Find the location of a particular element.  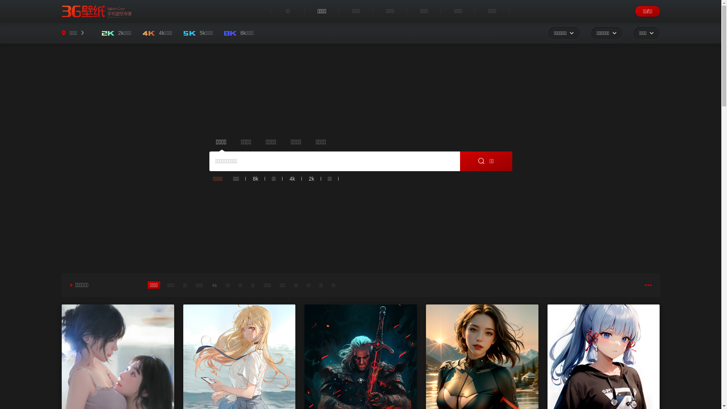

'4k' is located at coordinates (292, 178).